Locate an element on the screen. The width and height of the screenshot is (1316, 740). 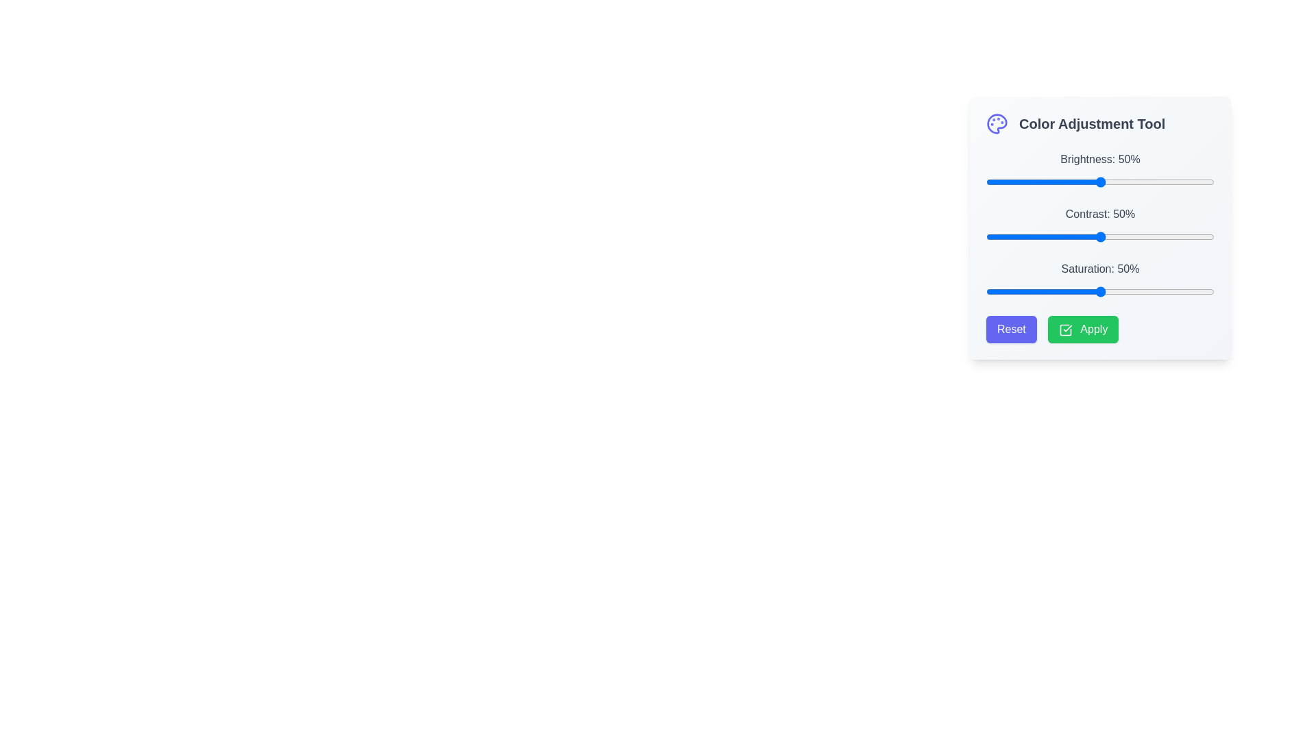
the 'Apply' button, which is a rectangular button with rounded corners, a green background, and white text reading 'Apply', located to the right of the 'Reset' button in the 'Color Adjustment Tool' interface is located at coordinates (1082, 330).